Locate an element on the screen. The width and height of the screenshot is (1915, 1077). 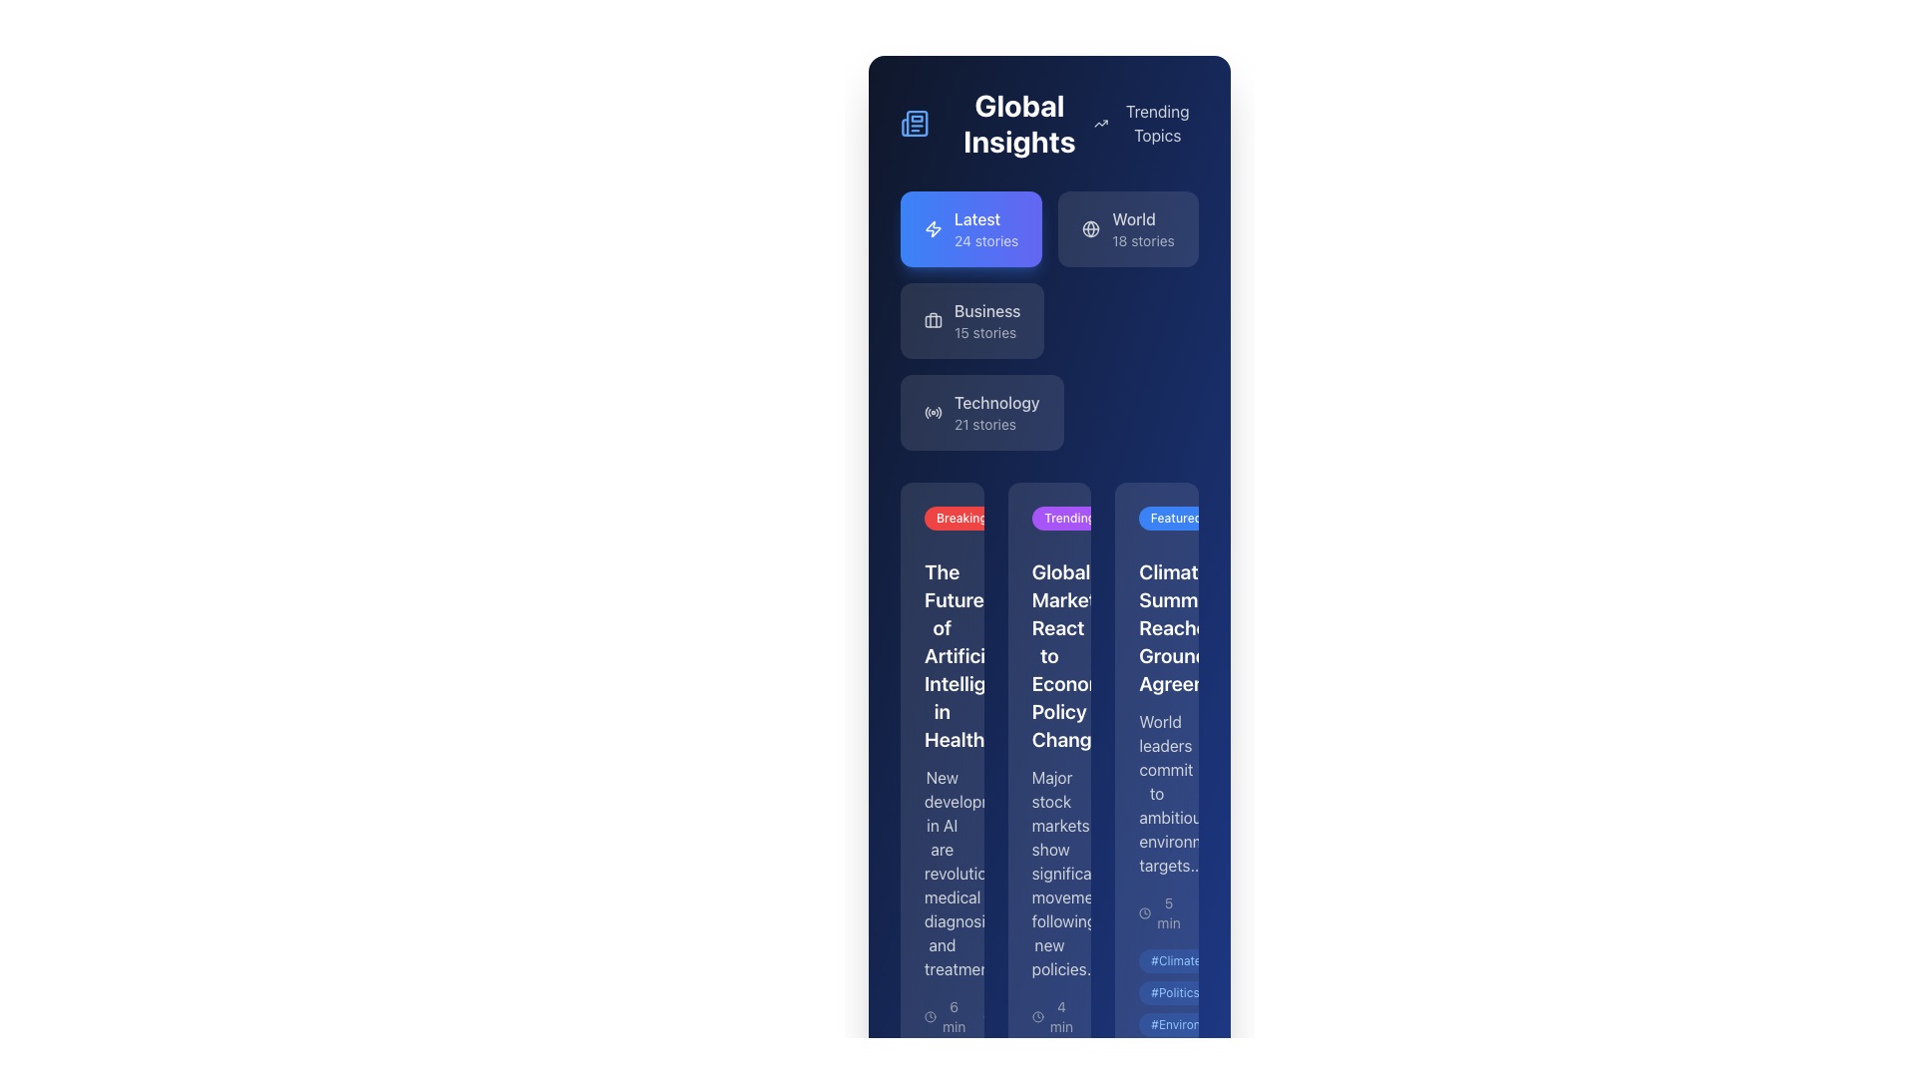
the content of the Text and Icon Pair displaying a clock icon followed by the text '6 min', located at the bottom of the column titled 'The Future of Artificial Intelligence in Healthcare' is located at coordinates (941, 1016).